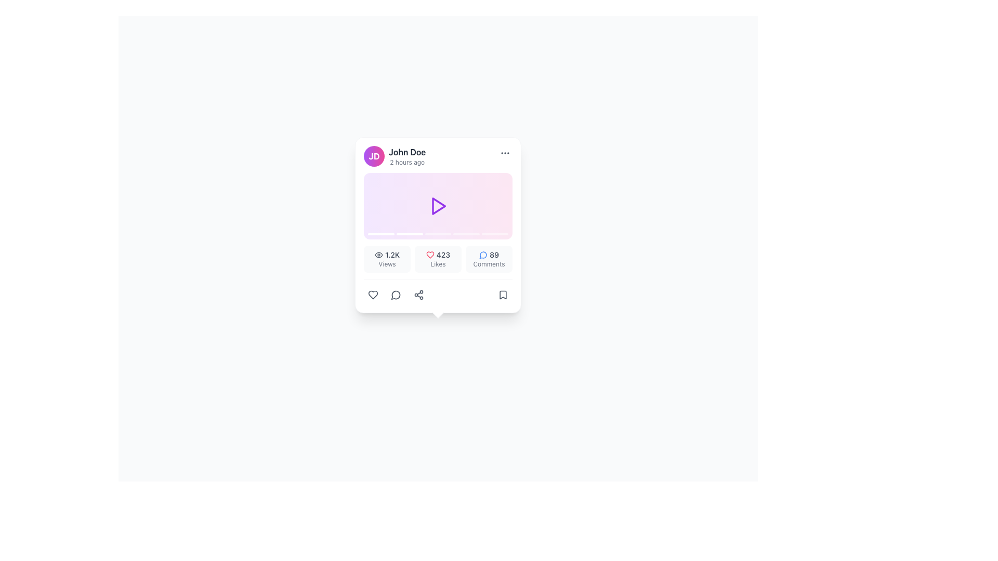  What do you see at coordinates (494, 234) in the screenshot?
I see `the last segment of the progress bar, which is a small thin line with rounded ends, located on the far right of the horizontal bar at the bottom of the card interface` at bounding box center [494, 234].